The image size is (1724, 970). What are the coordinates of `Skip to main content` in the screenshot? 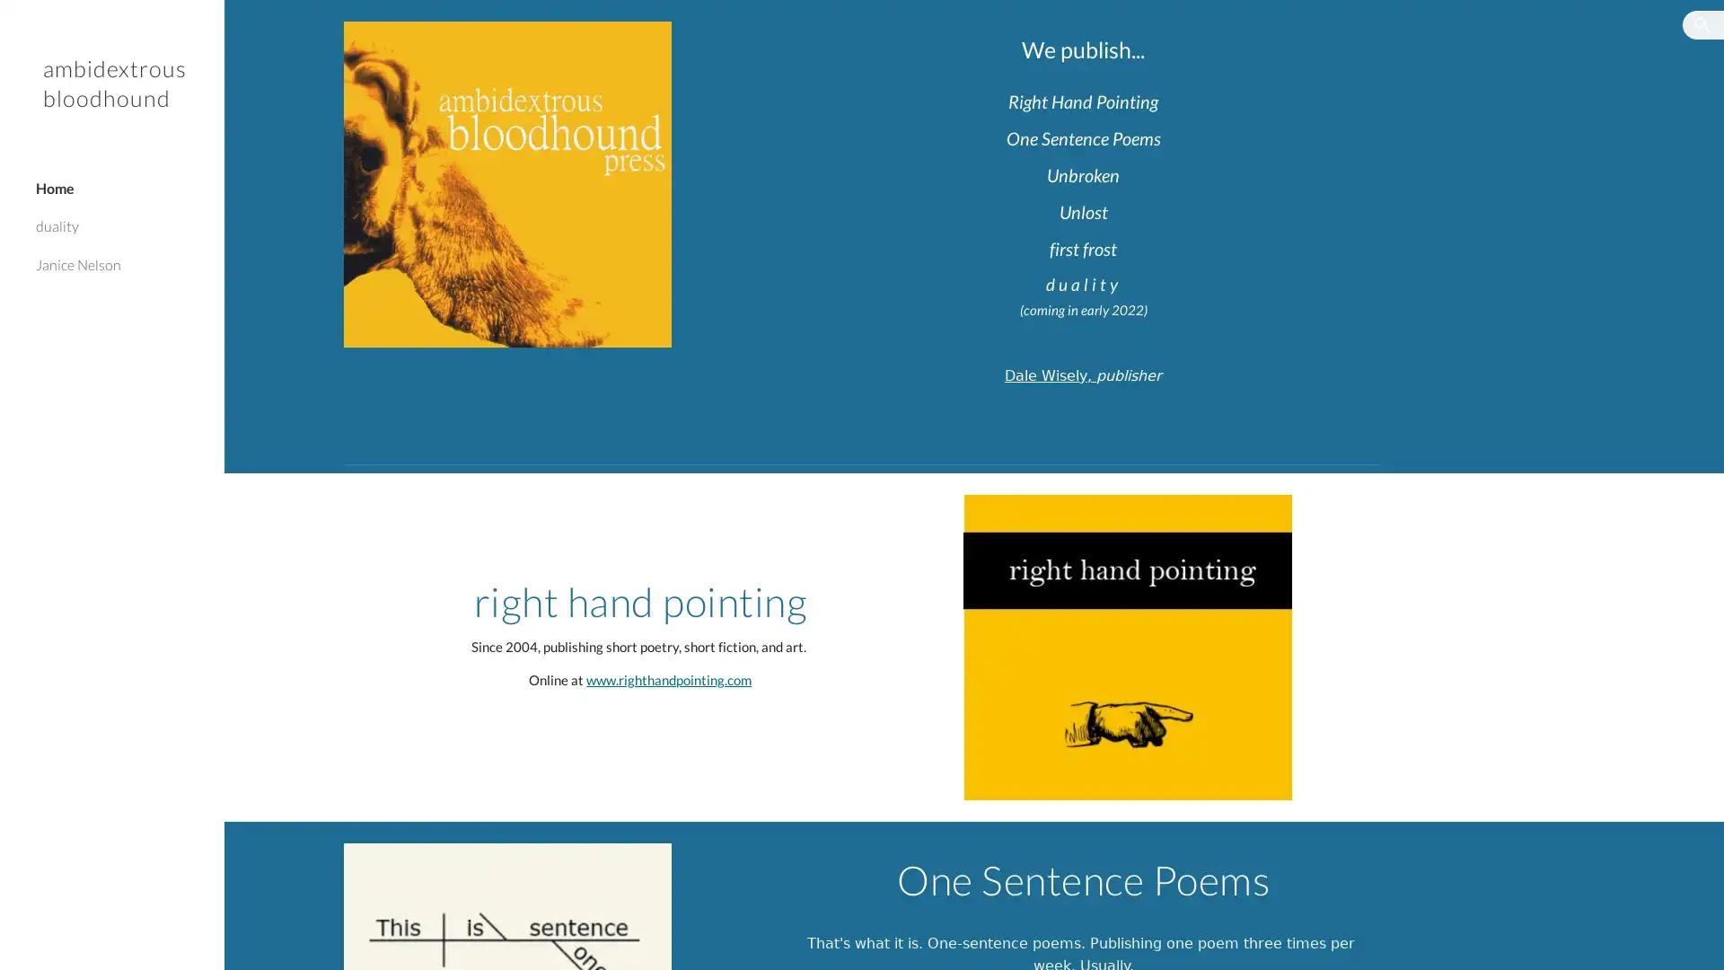 It's located at (707, 33).